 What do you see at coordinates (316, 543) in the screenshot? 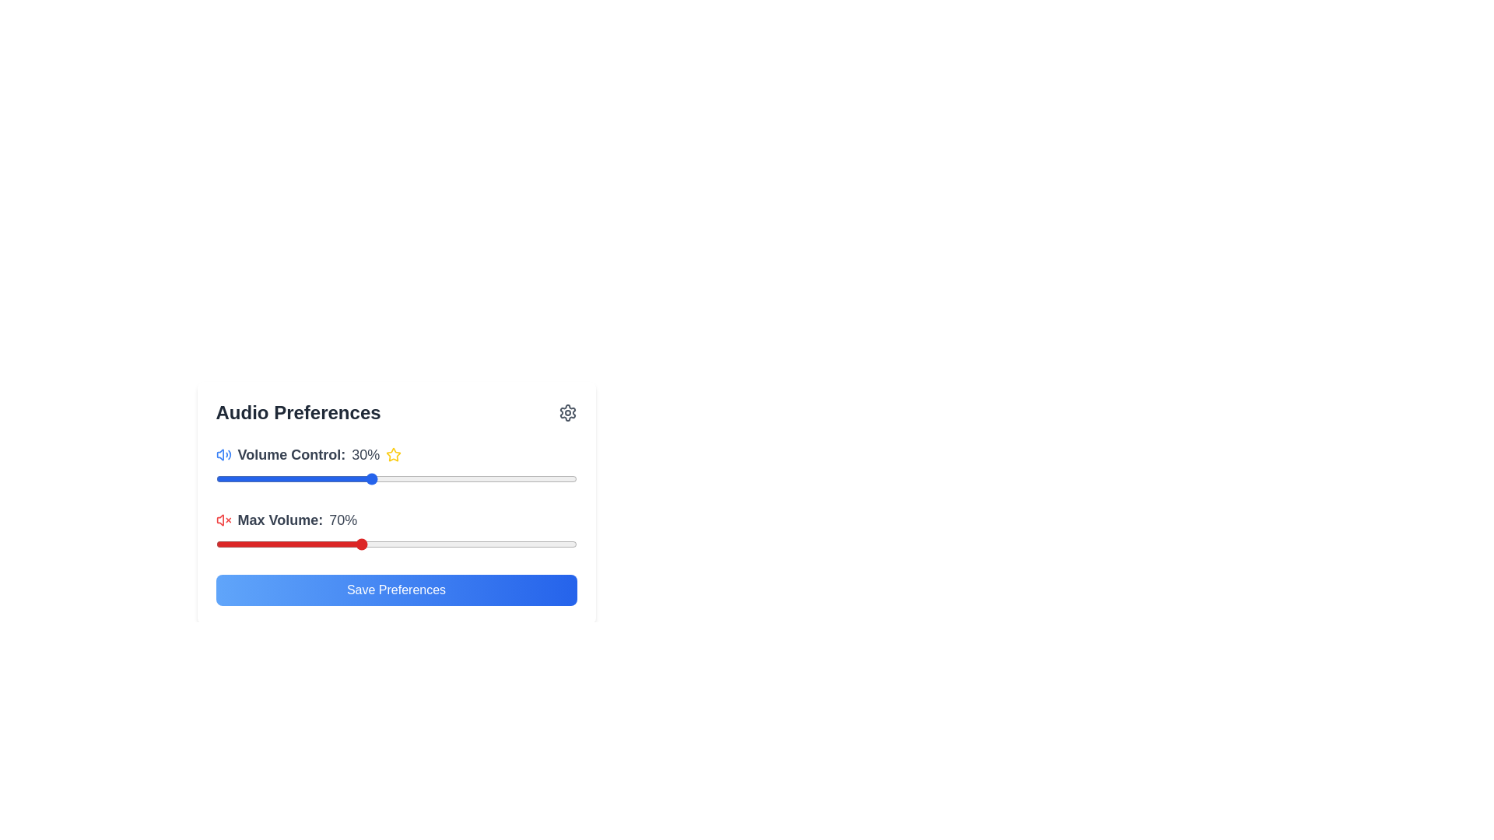
I see `max volume` at bounding box center [316, 543].